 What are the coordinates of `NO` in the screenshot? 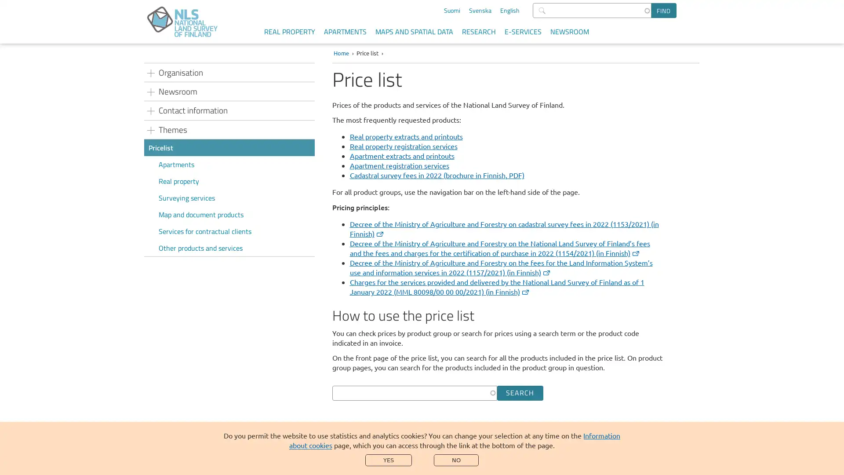 It's located at (456, 460).